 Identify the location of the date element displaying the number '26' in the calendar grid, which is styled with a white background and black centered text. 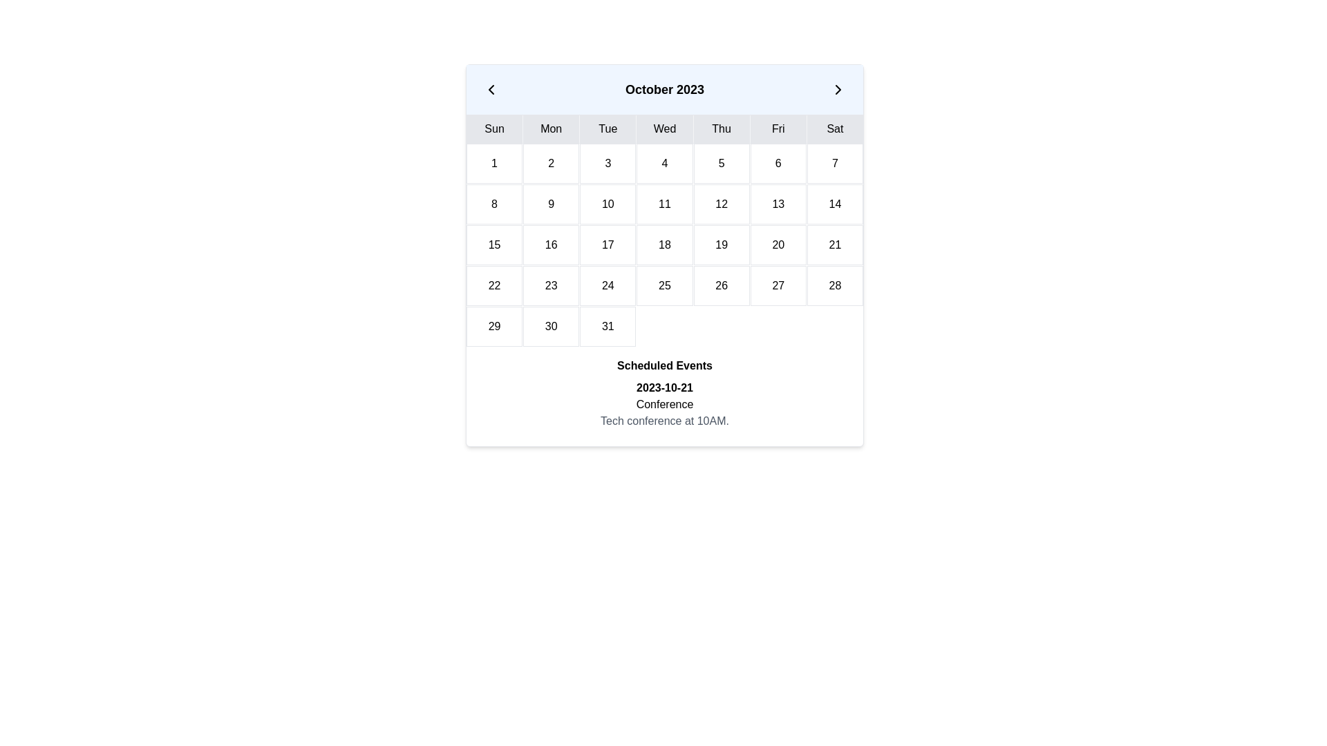
(721, 285).